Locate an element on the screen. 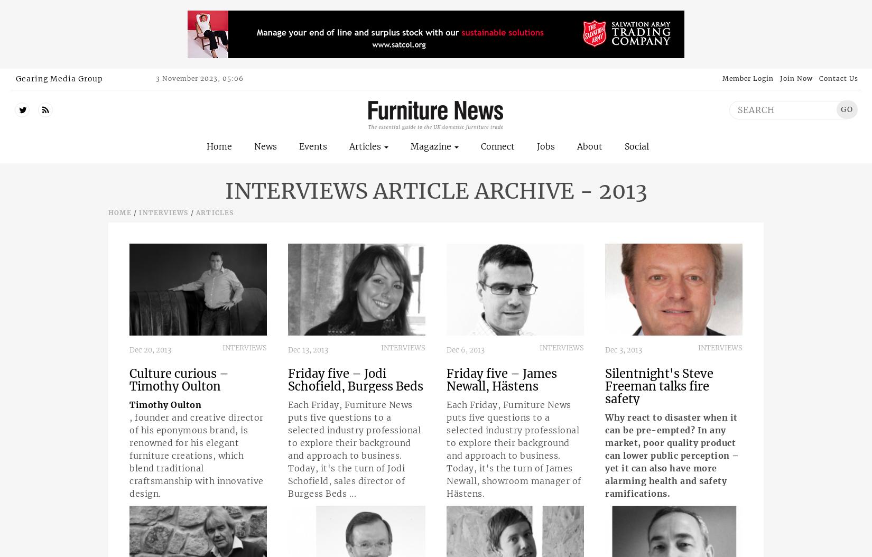 This screenshot has width=872, height=557. 'RSS' is located at coordinates (56, 109).